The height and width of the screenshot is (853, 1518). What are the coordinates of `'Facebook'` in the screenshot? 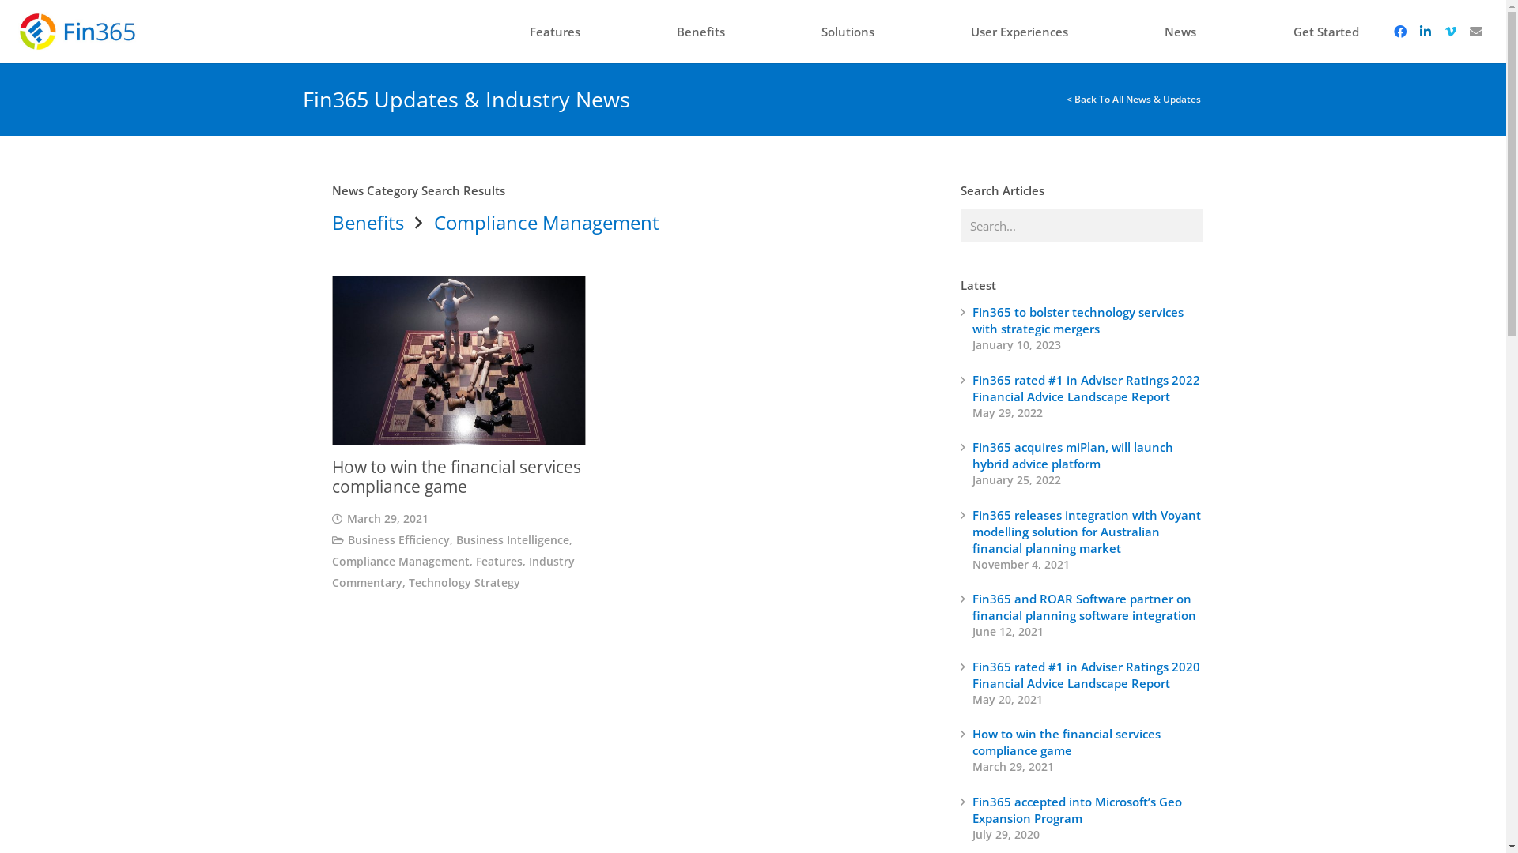 It's located at (1399, 31).